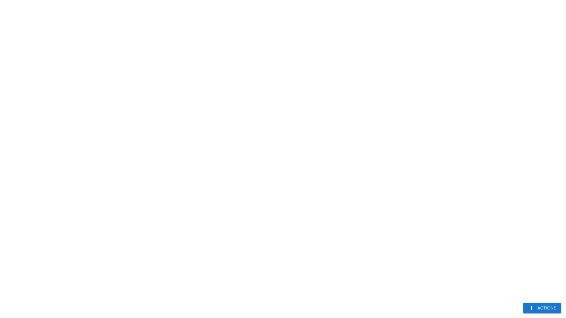 The image size is (566, 318). Describe the element at coordinates (542, 307) in the screenshot. I see `the solid blue rectangle button with a white '+' icon and the text 'ACTIONS' to invoke its action` at that location.